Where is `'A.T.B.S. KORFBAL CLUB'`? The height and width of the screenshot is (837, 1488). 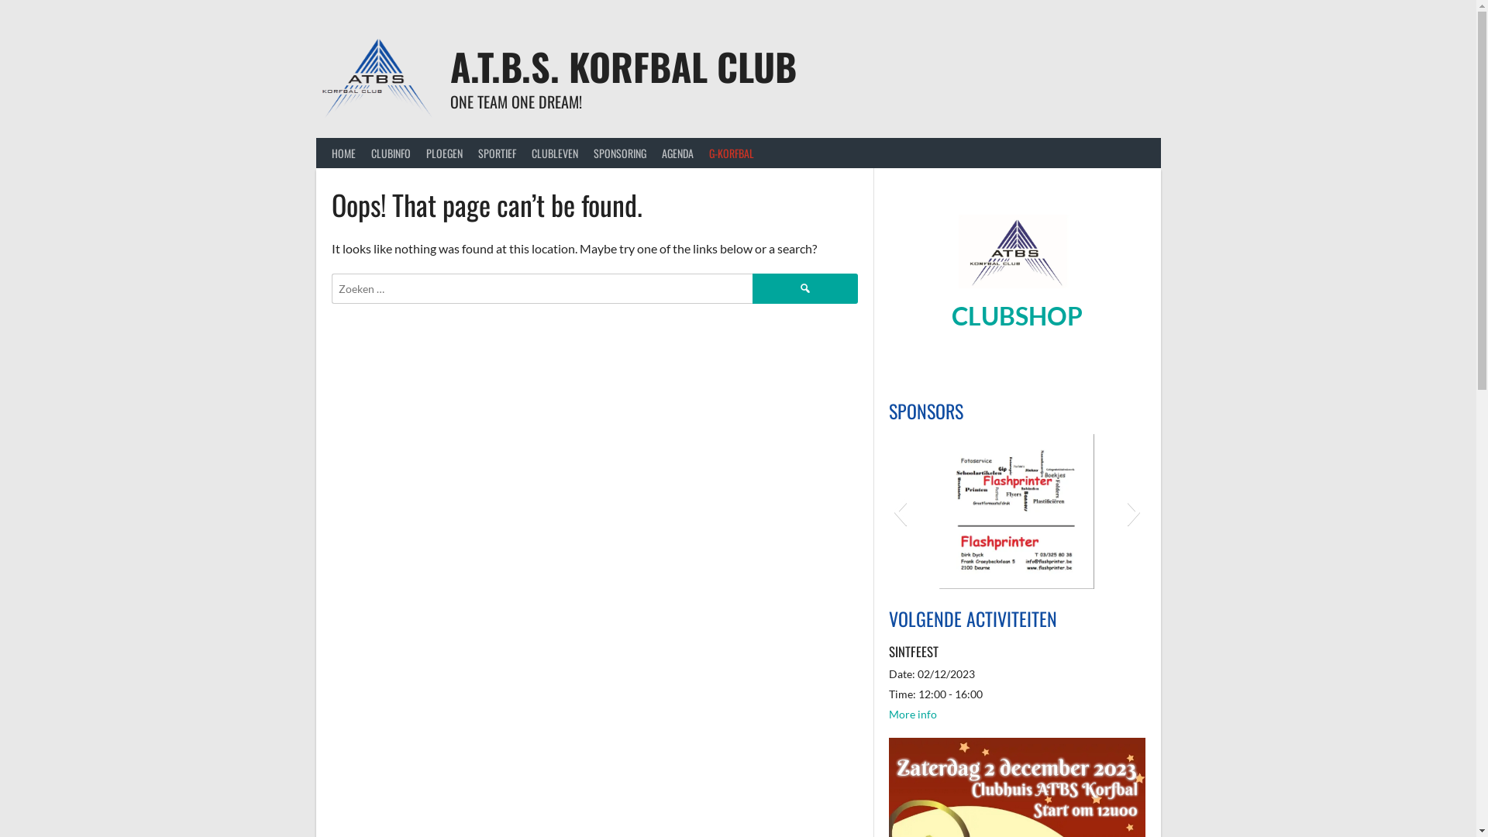
'A.T.B.S. KORFBAL CLUB' is located at coordinates (623, 65).